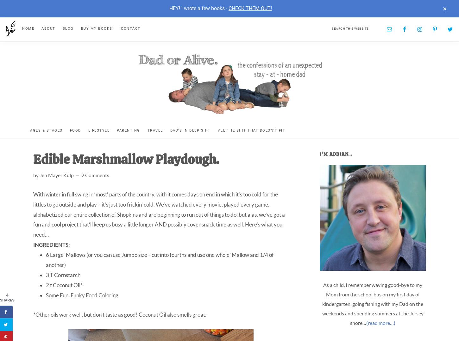 Image resolution: width=459 pixels, height=341 pixels. What do you see at coordinates (120, 28) in the screenshot?
I see `'Contact'` at bounding box center [120, 28].